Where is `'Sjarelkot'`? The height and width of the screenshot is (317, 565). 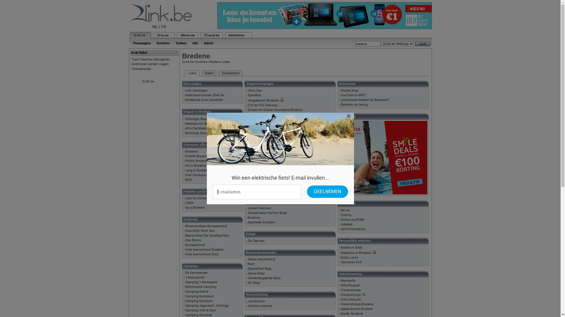 'Sjarelkot' is located at coordinates (254, 95).